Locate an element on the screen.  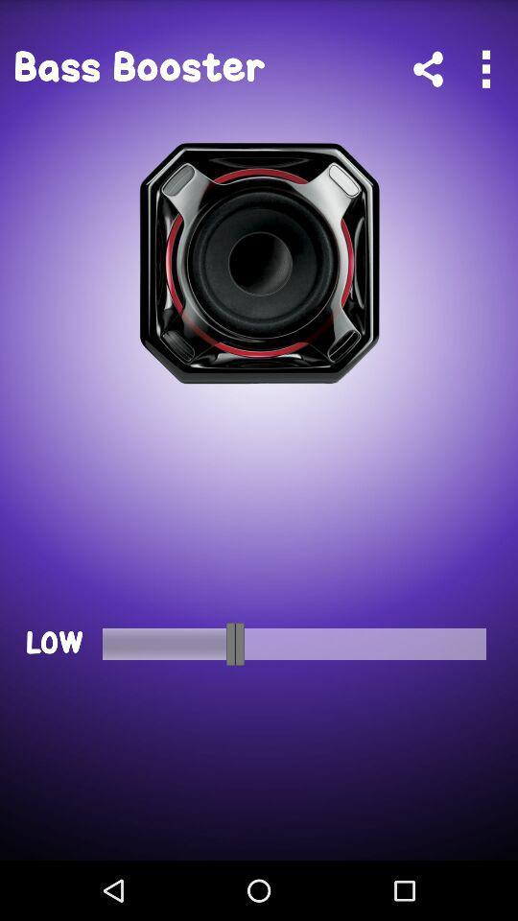
share the item is located at coordinates (428, 69).